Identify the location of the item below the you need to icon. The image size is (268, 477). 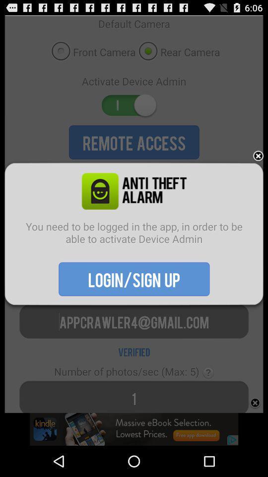
(134, 279).